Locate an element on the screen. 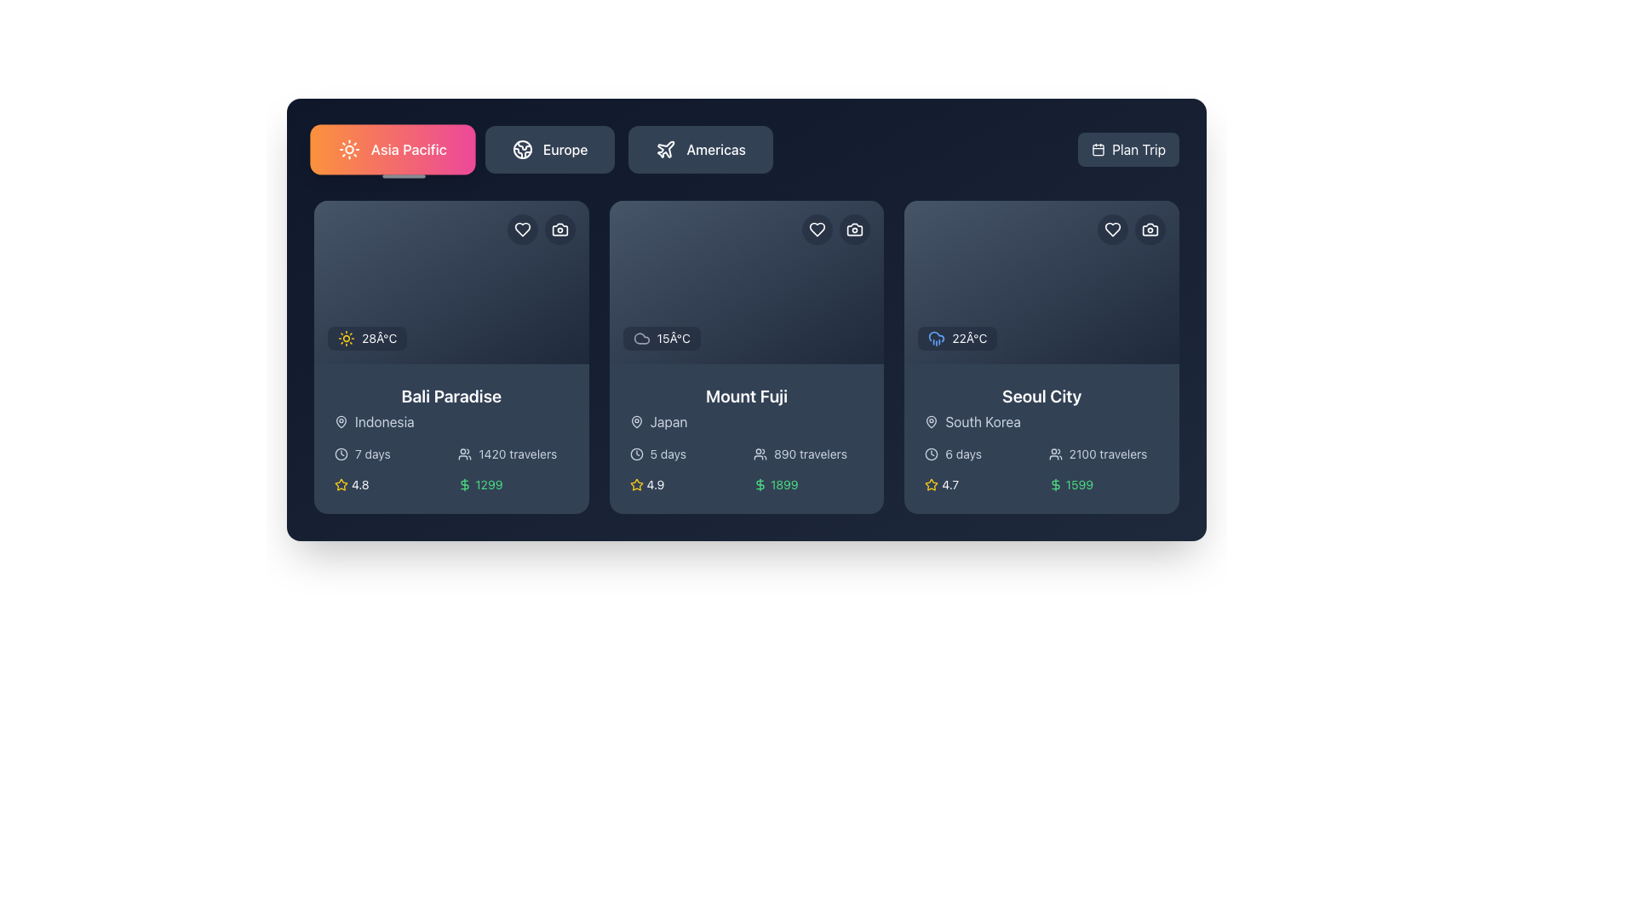  the circular 'like' button with a heart icon is located at coordinates (521, 230).